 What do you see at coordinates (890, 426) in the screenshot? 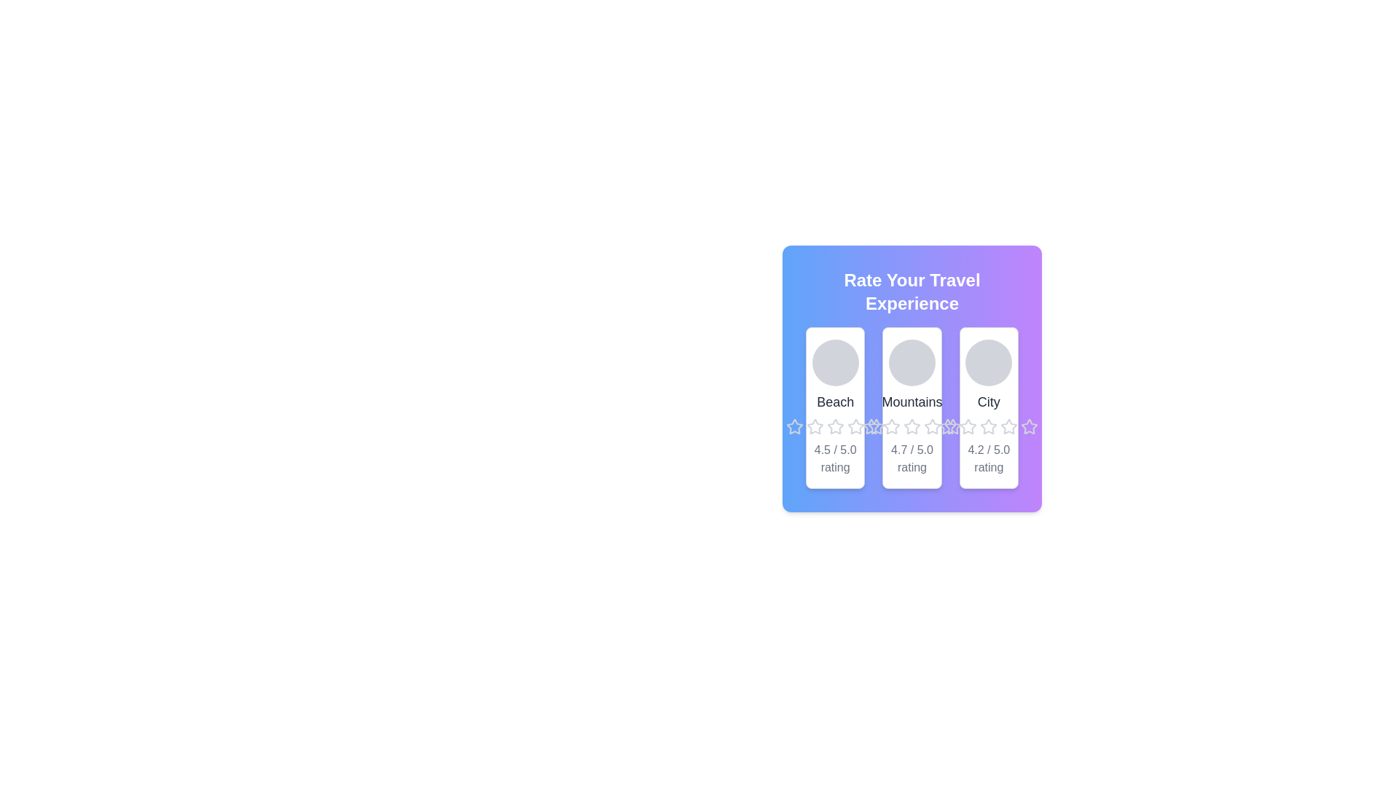
I see `the third star in the rating section of the card labeled 'Mountains'` at bounding box center [890, 426].